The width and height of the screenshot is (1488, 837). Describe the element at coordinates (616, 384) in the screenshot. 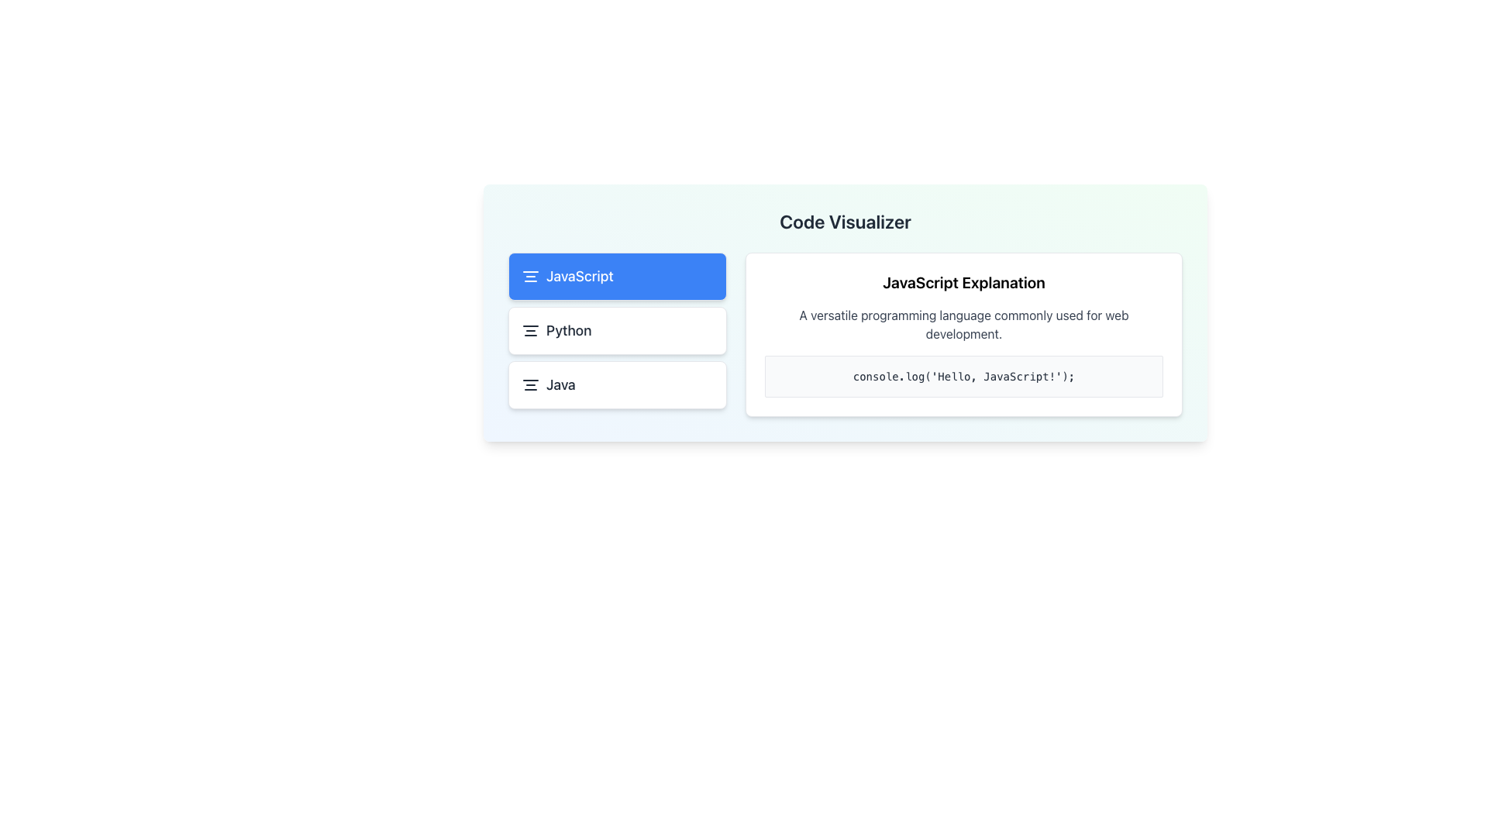

I see `the 'Java' selectable list item, which is the third item in a vertical list, to activate its related functionality` at that location.